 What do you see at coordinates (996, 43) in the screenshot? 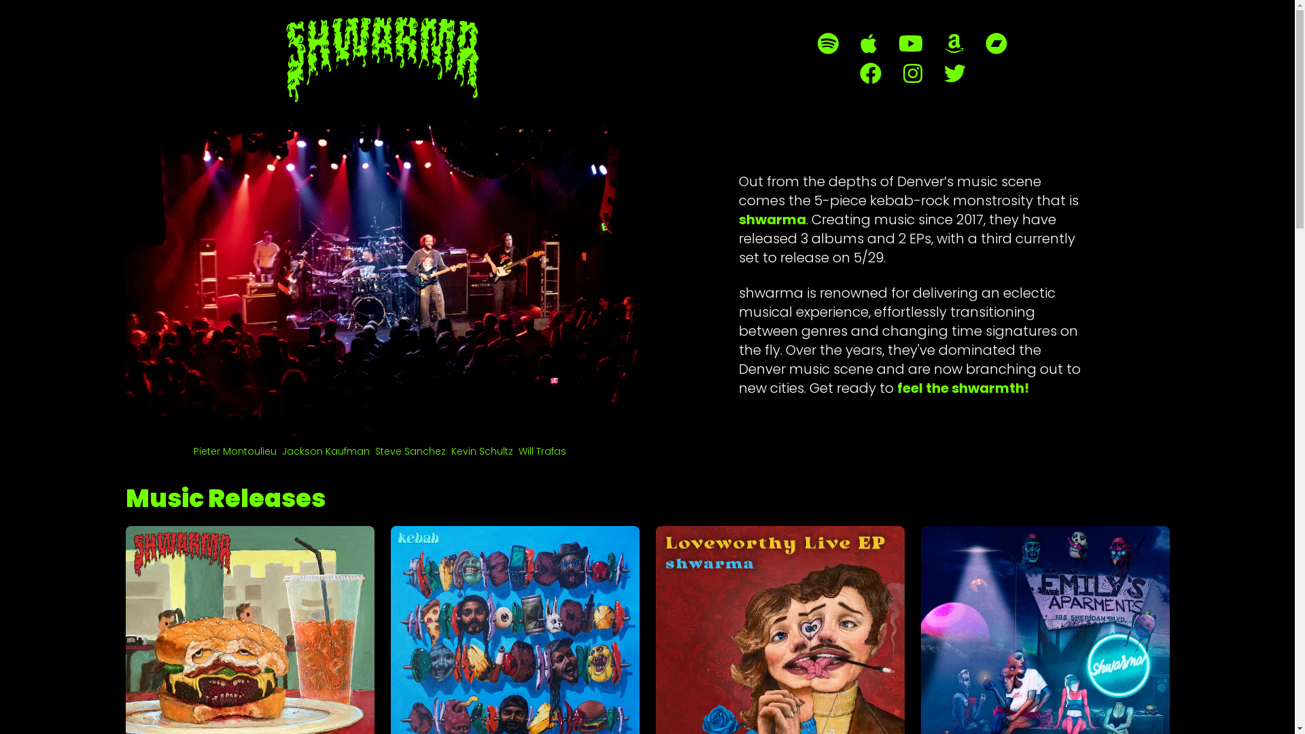
I see `'Bandcamp'` at bounding box center [996, 43].